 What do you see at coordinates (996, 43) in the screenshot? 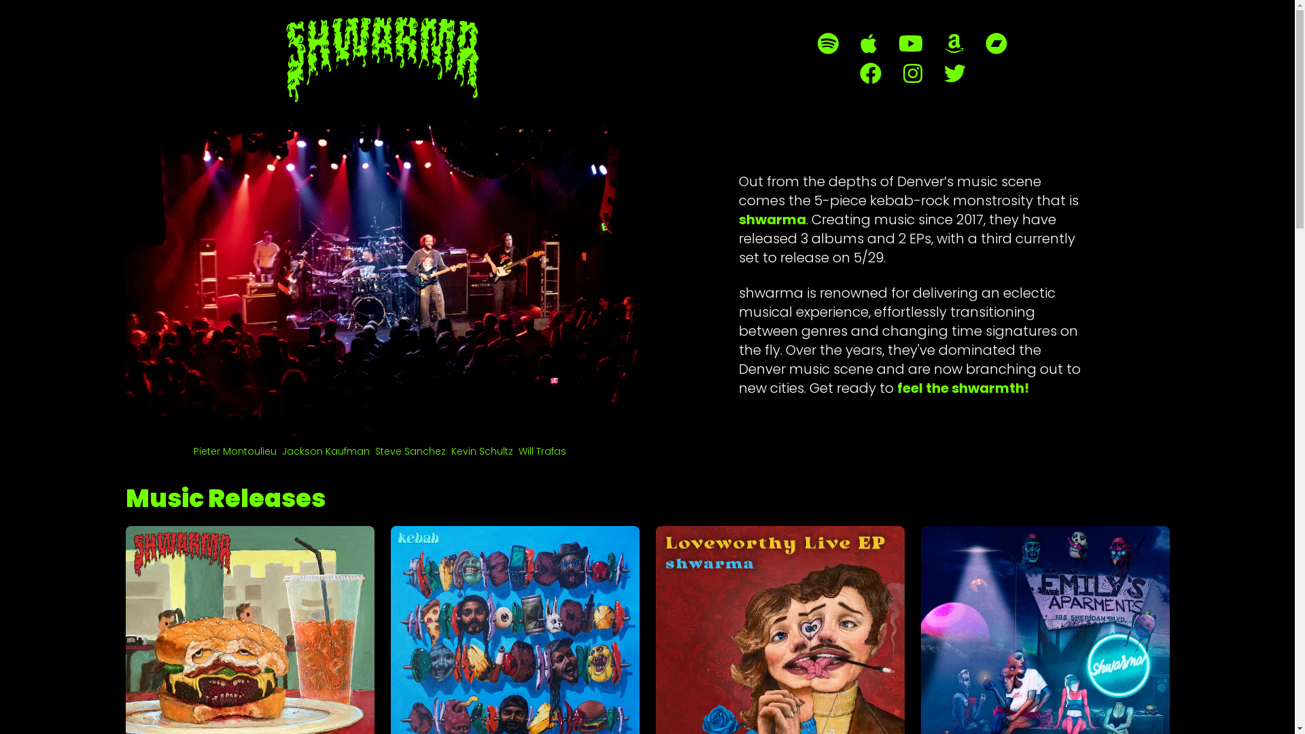
I see `'Bandcamp'` at bounding box center [996, 43].